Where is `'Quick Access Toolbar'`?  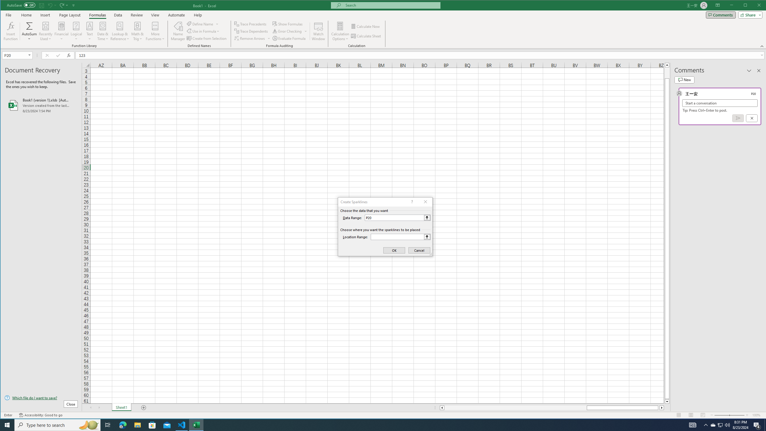 'Quick Access Toolbar' is located at coordinates (41, 5).